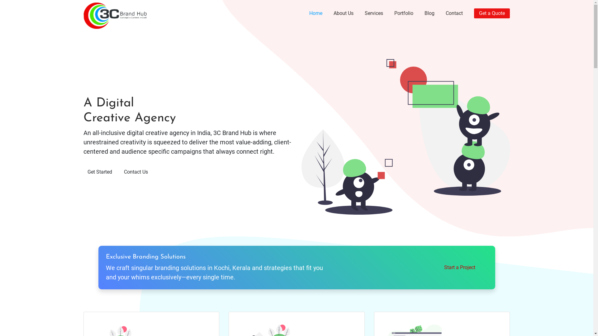 This screenshot has width=598, height=336. What do you see at coordinates (374, 13) in the screenshot?
I see `'Services'` at bounding box center [374, 13].